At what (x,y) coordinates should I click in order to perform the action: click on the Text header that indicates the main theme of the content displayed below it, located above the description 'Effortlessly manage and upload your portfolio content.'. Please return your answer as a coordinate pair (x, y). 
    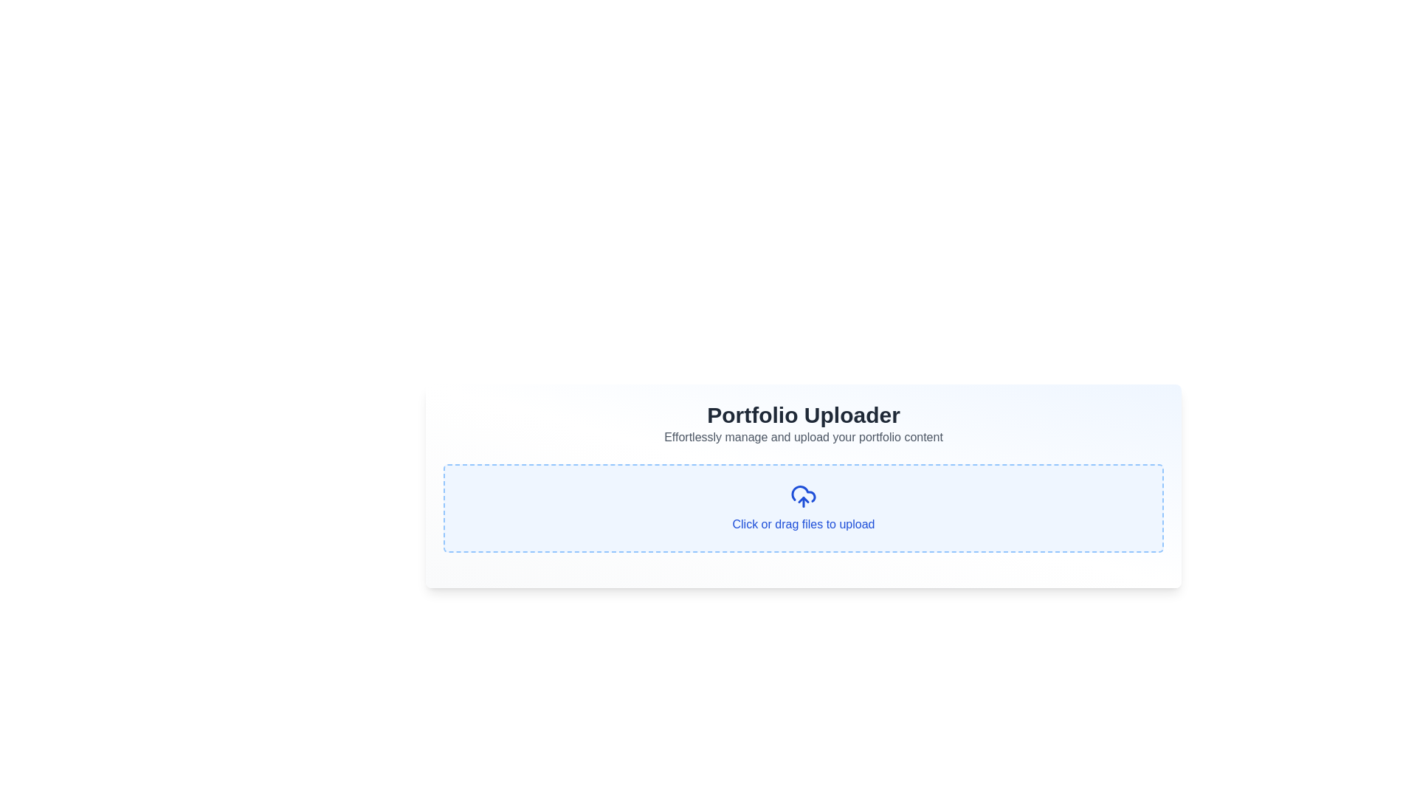
    Looking at the image, I should click on (803, 415).